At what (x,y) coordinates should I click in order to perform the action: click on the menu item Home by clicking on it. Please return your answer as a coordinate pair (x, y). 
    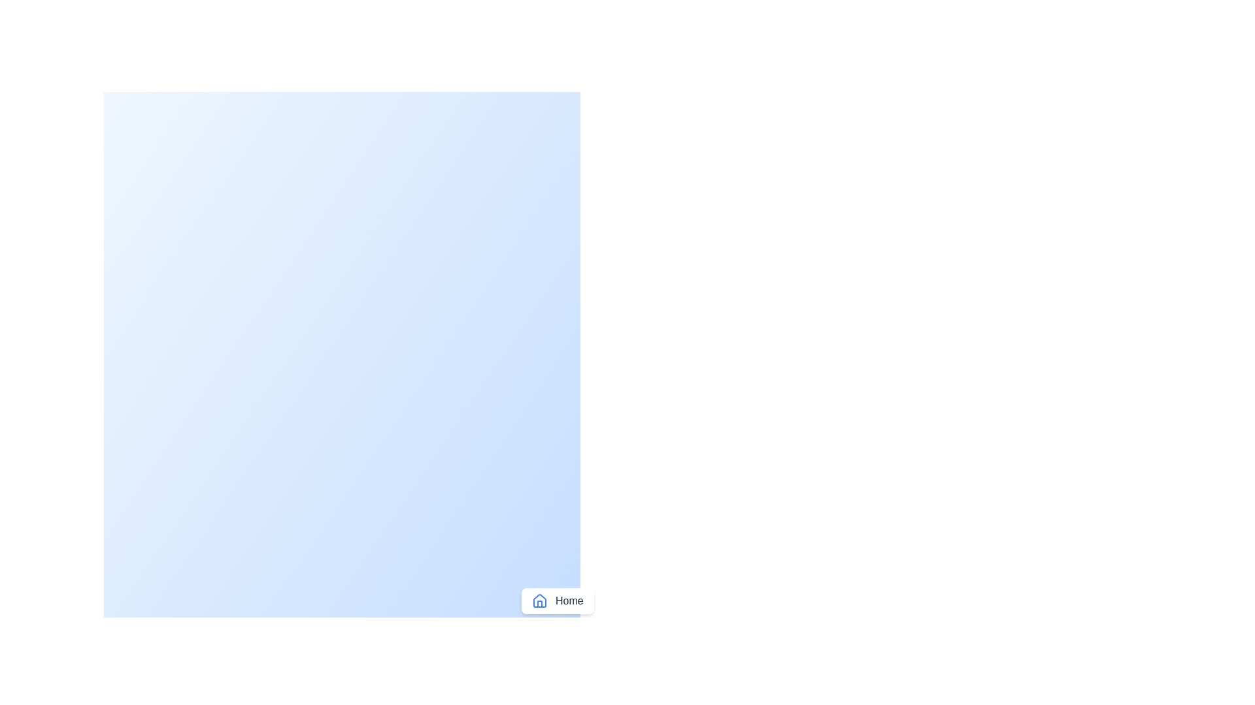
    Looking at the image, I should click on (558, 601).